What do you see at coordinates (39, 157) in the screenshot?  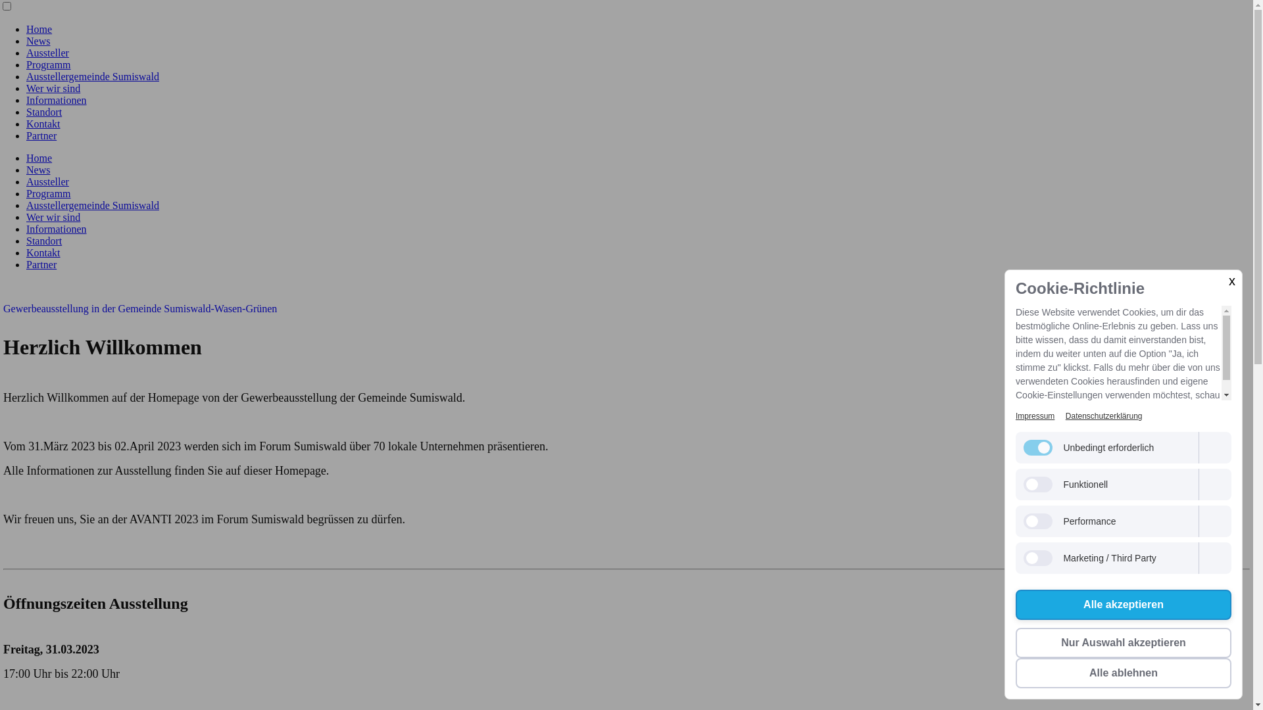 I see `'Home'` at bounding box center [39, 157].